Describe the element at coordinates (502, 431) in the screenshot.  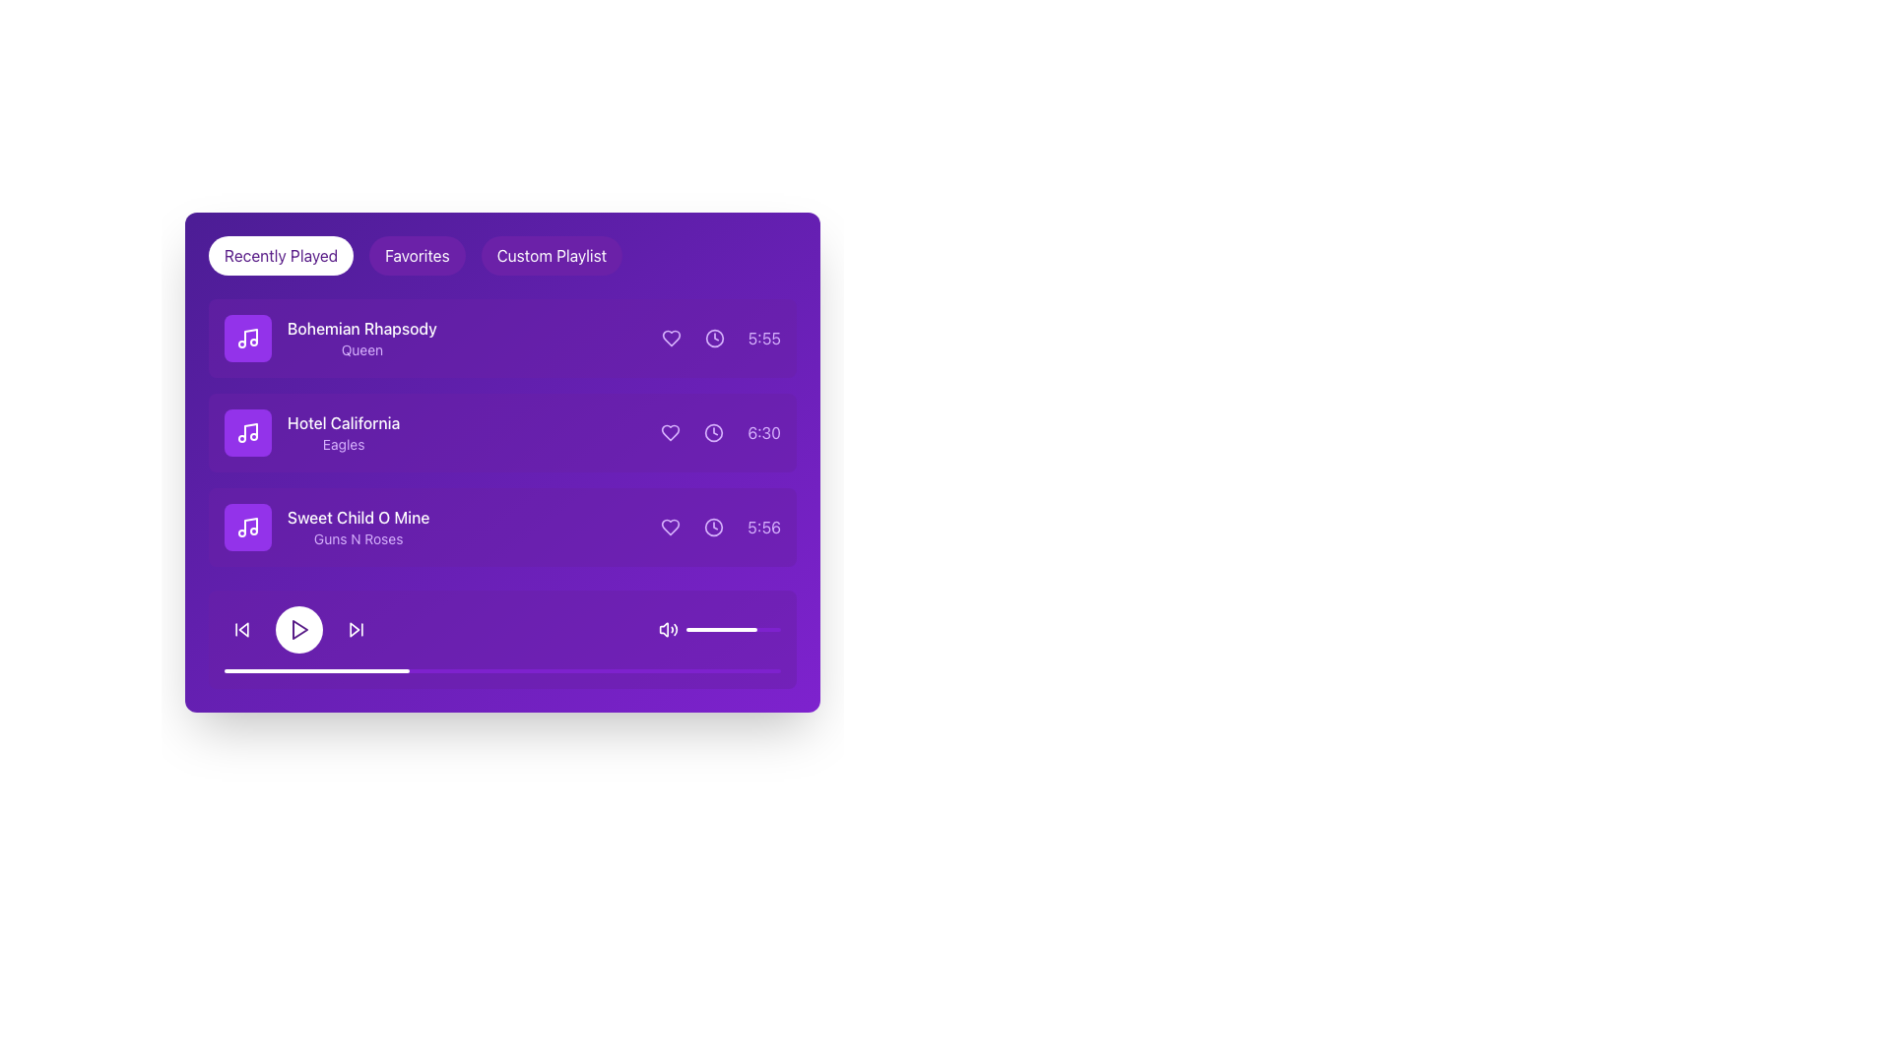
I see `the second item in the 'Recently Played' section of the music tracks list, which displays the song title, artist, and duration` at that location.